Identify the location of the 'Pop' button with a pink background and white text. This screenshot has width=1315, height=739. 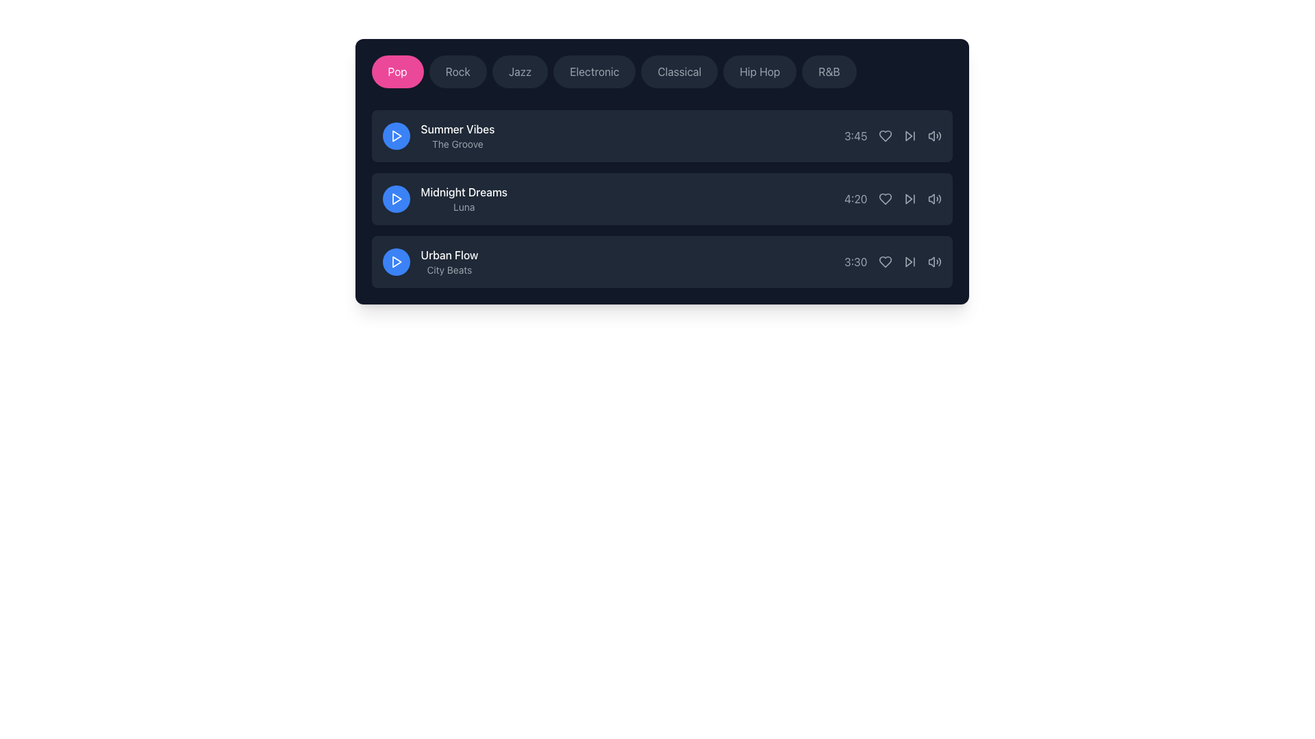
(397, 71).